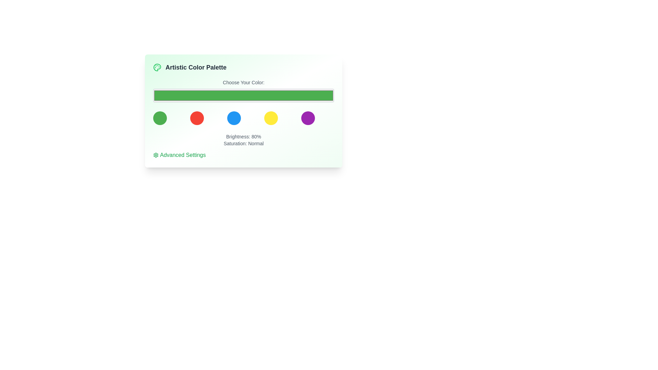  I want to click on the second circular component filled with vibrant red color to confirm selection, so click(197, 118).